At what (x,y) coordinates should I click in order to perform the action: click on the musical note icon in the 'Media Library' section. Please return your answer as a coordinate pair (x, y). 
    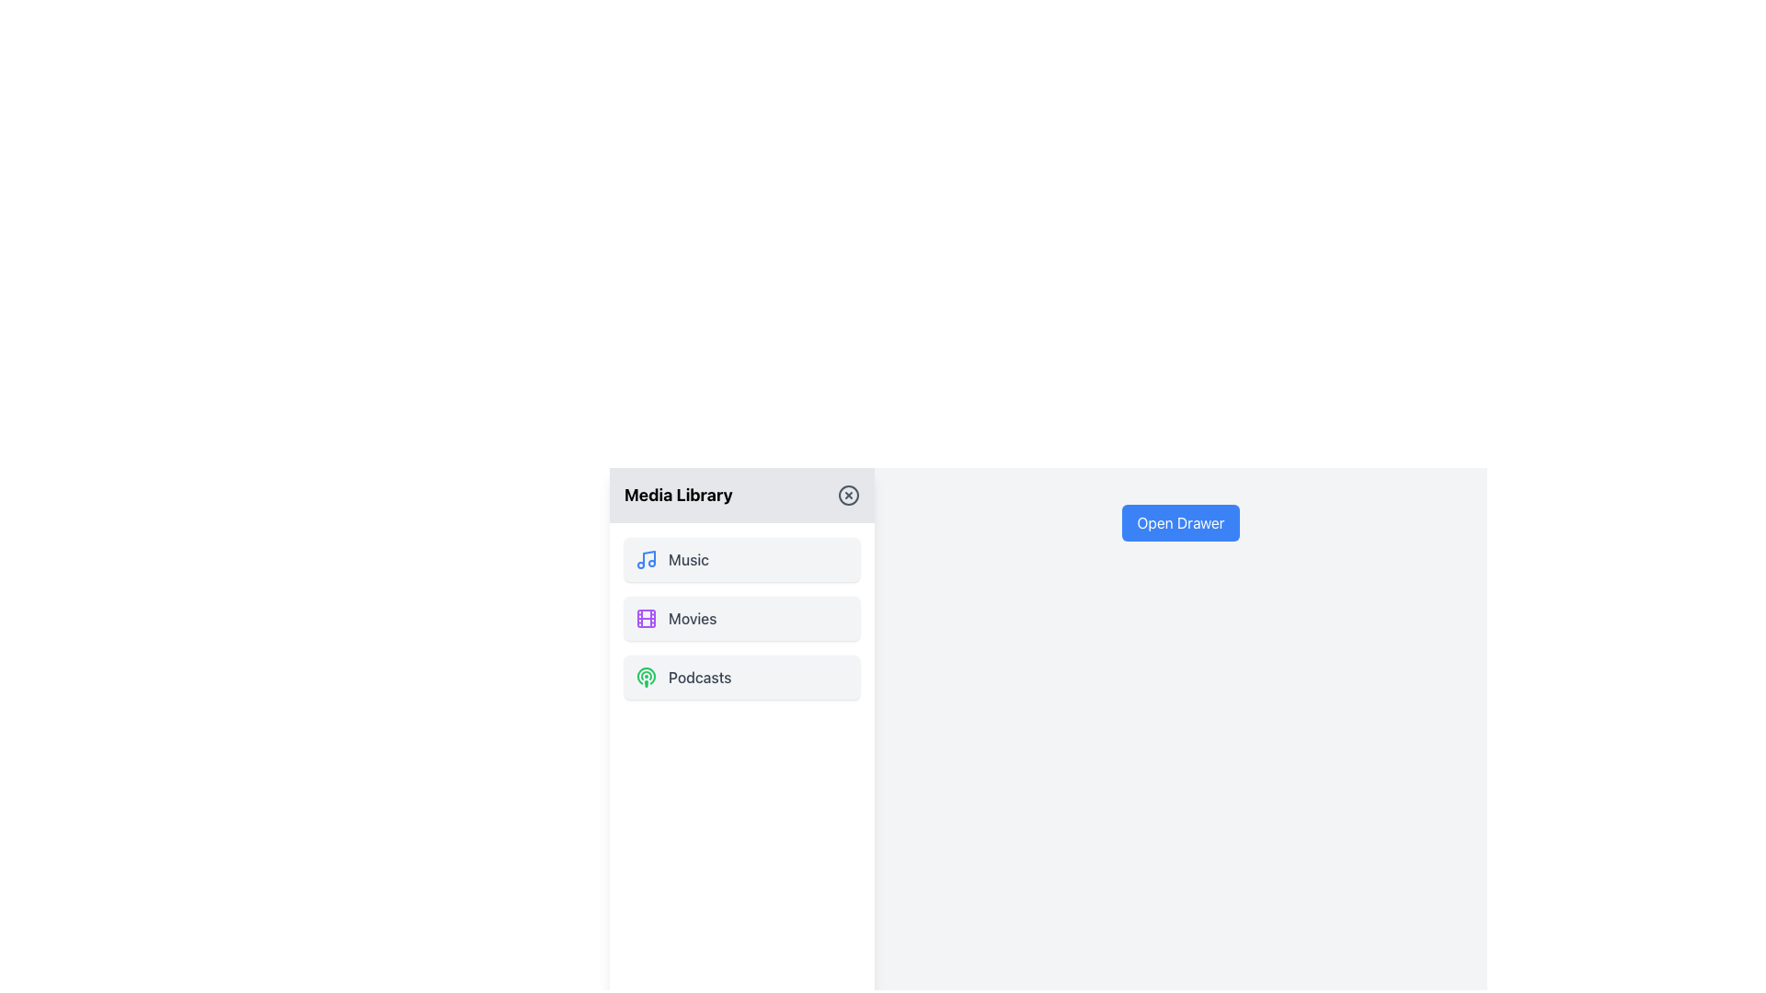
    Looking at the image, I should click on (646, 559).